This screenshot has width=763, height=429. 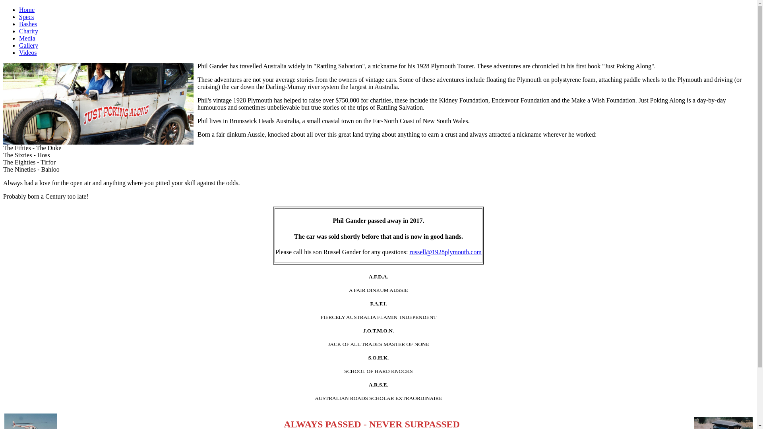 I want to click on 'Specs', so click(x=26, y=17).